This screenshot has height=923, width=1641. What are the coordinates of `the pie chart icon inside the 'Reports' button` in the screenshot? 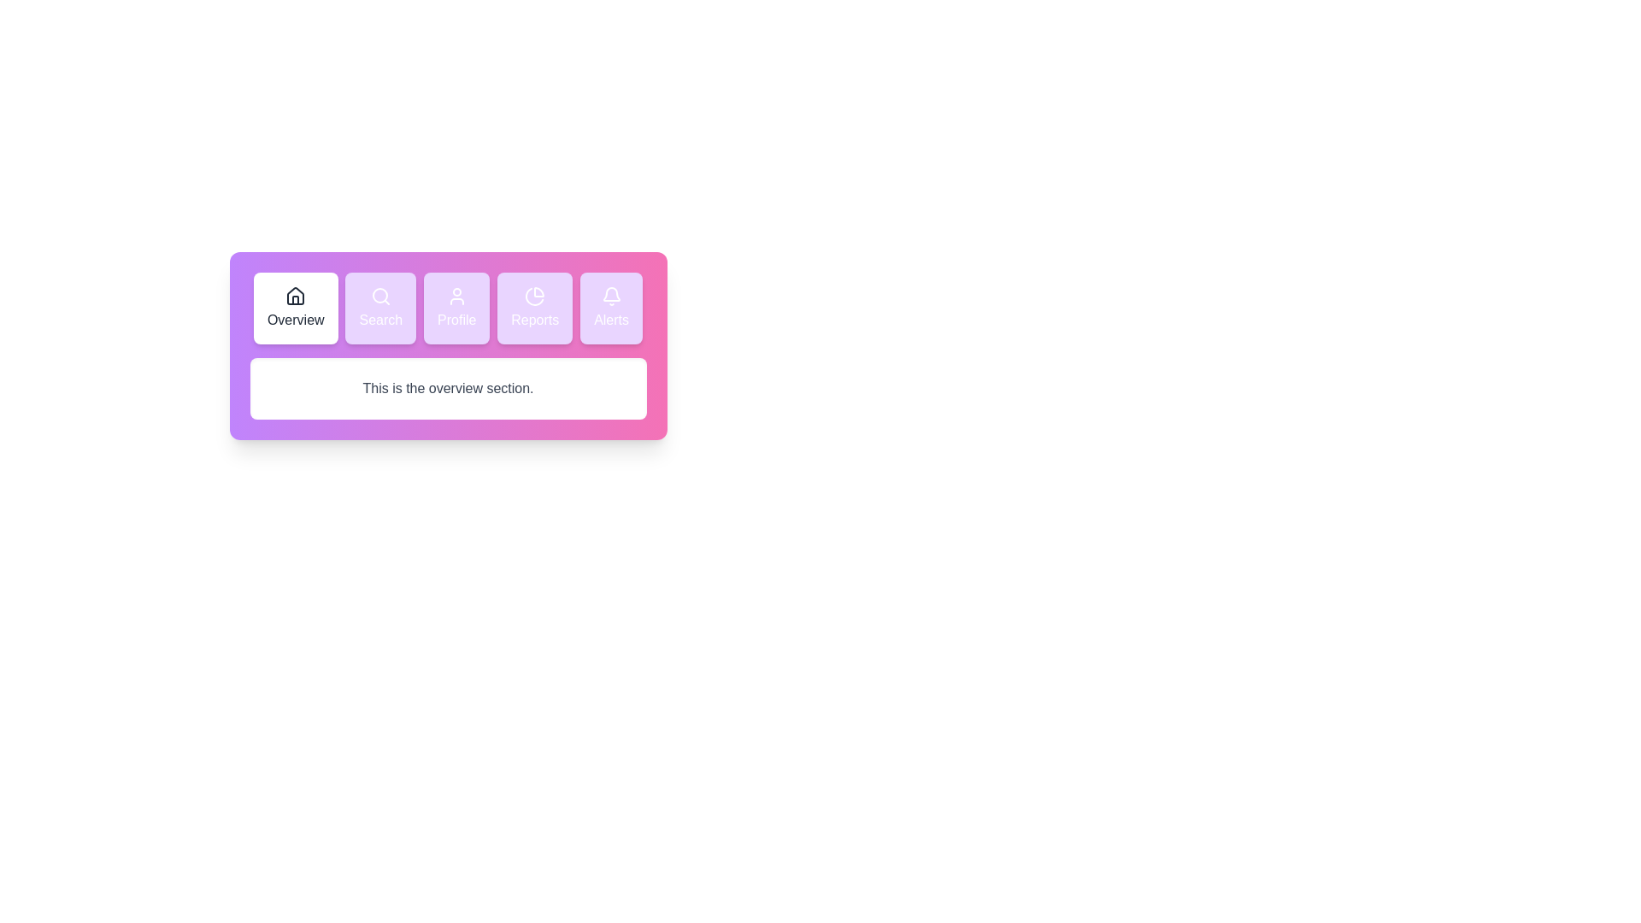 It's located at (534, 296).